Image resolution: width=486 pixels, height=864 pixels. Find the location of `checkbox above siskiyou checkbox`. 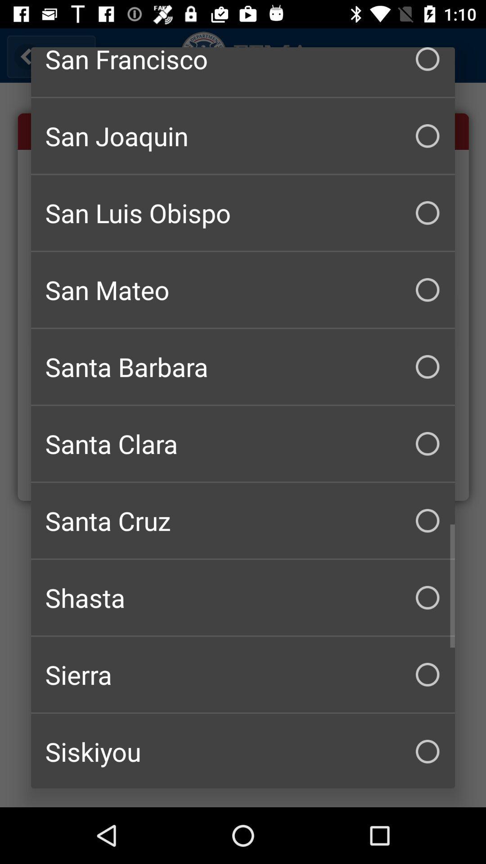

checkbox above siskiyou checkbox is located at coordinates (243, 675).